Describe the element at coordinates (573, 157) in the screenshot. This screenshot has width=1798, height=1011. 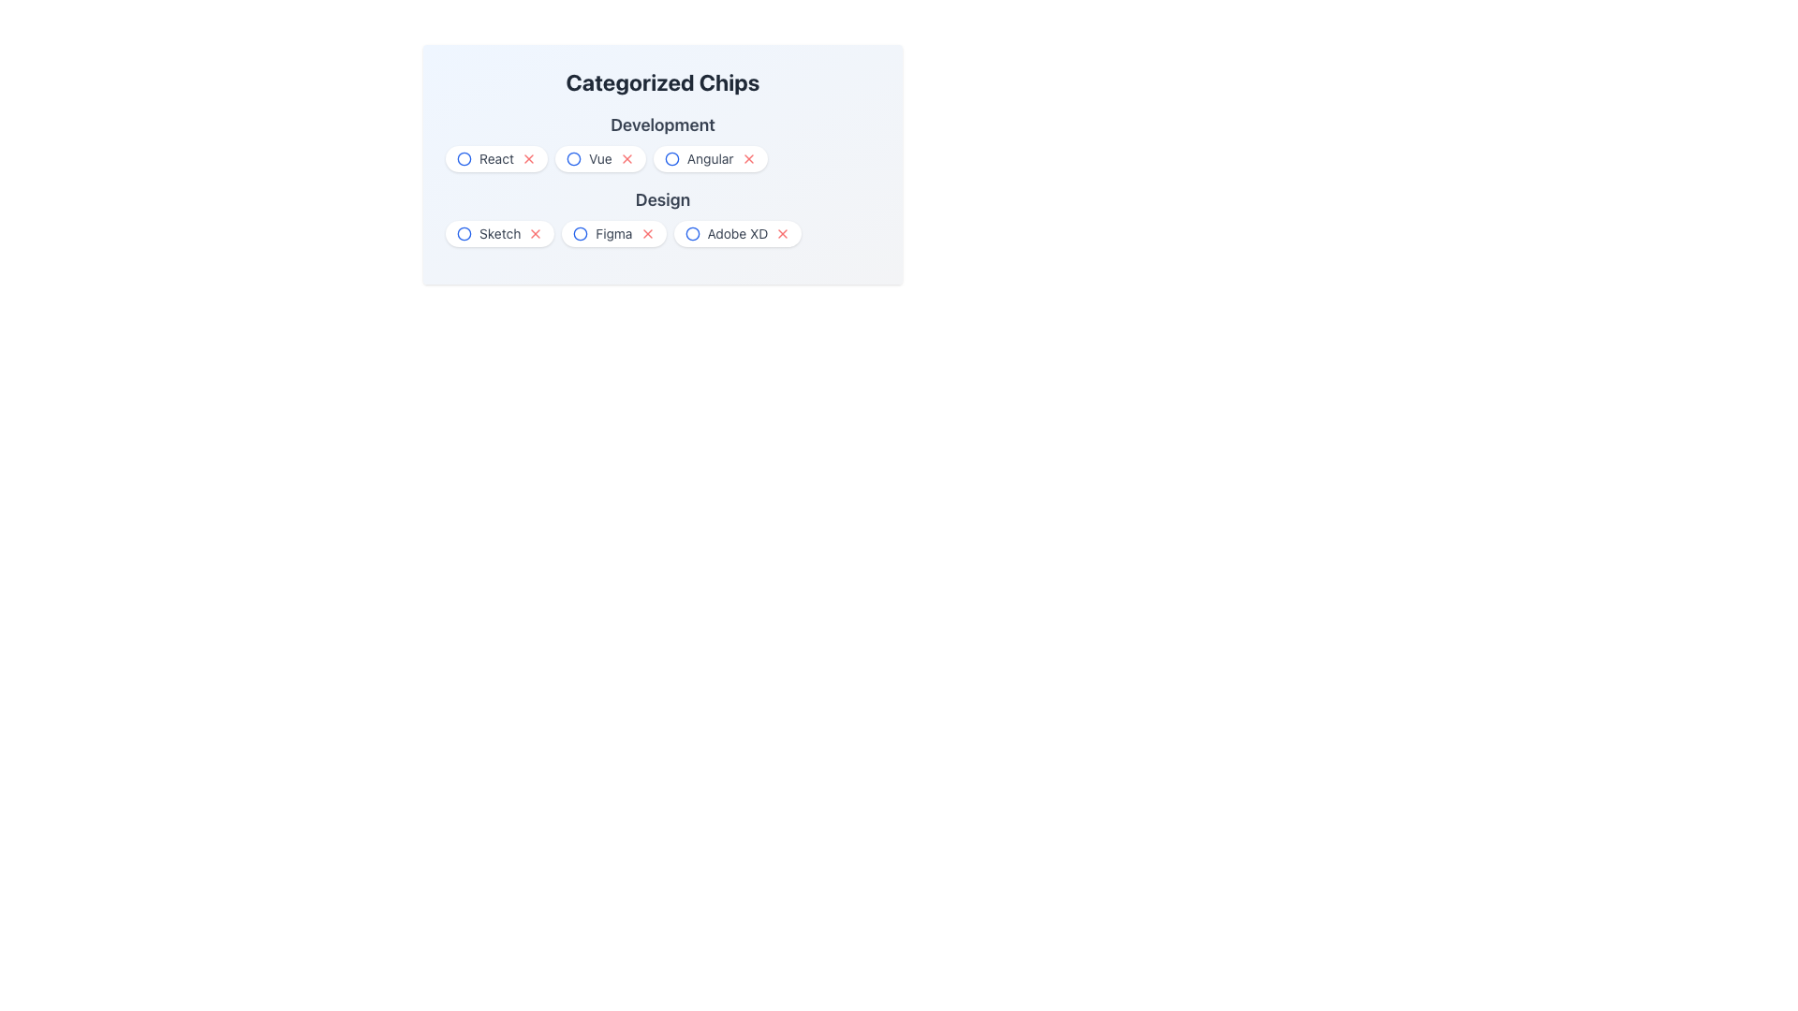
I see `the small circle with a thin stroke located inside the chip labeled 'Vue', which is the second chip in the 'Development' group` at that location.